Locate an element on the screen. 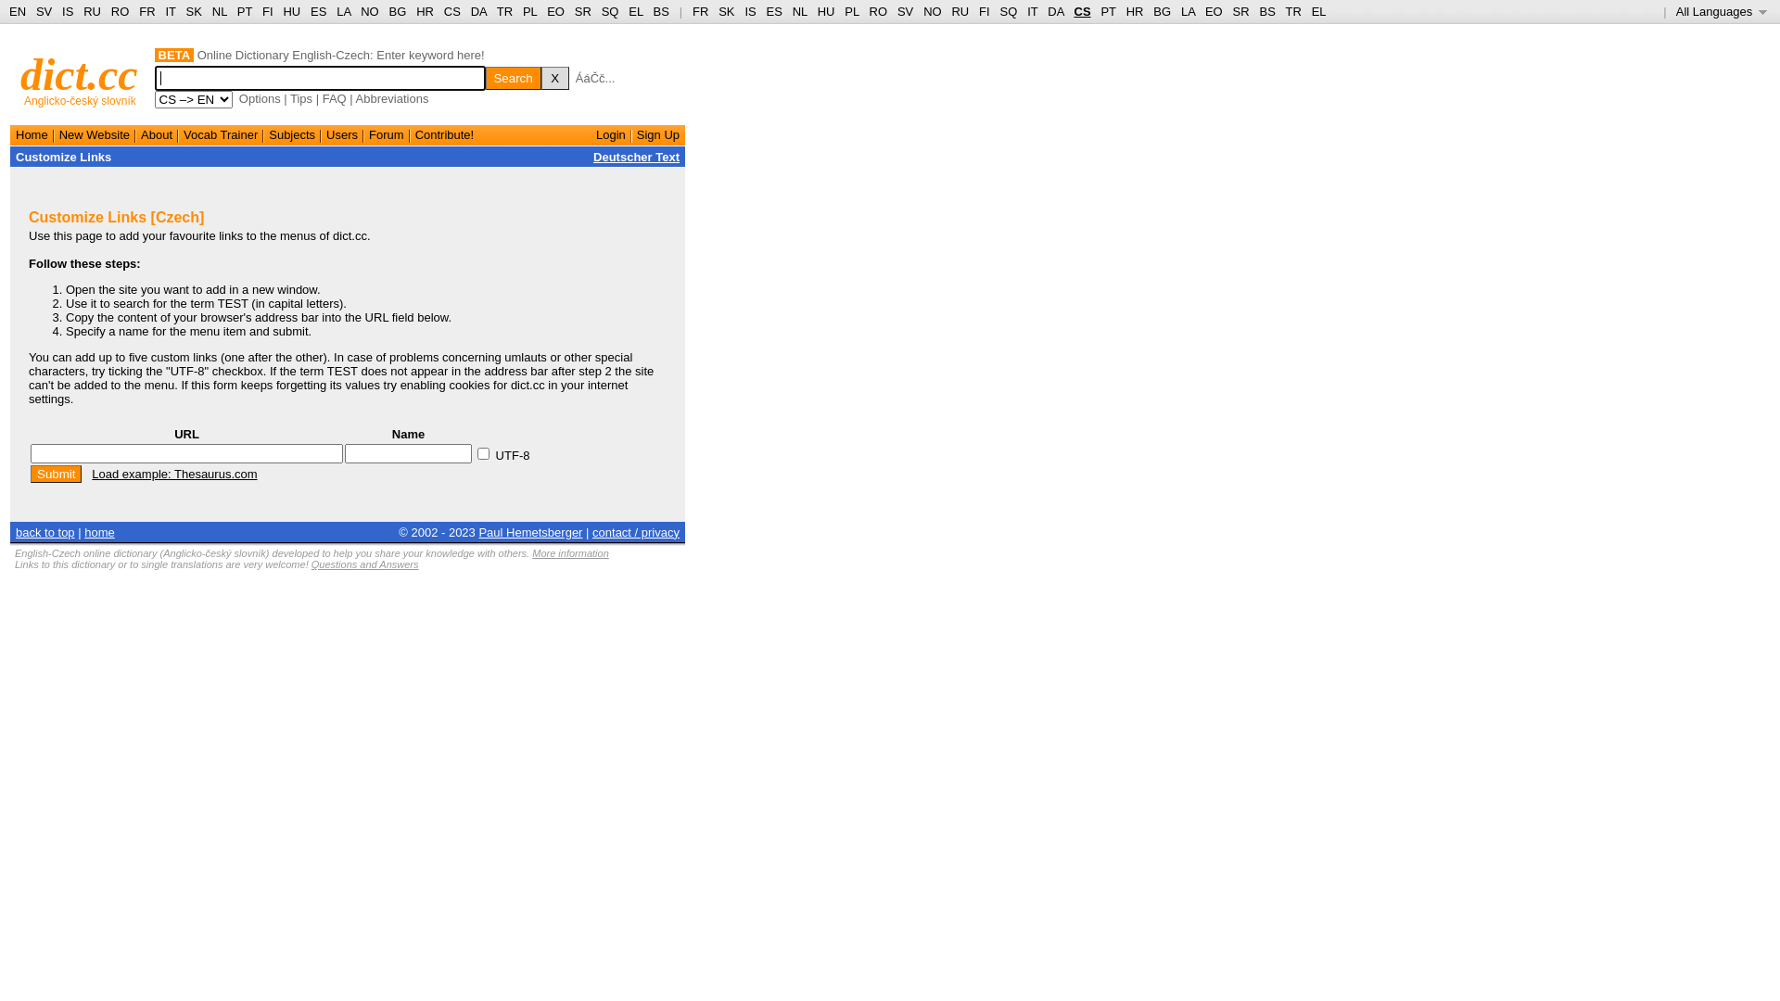 The image size is (1780, 1001). 'BG' is located at coordinates (1151, 11).